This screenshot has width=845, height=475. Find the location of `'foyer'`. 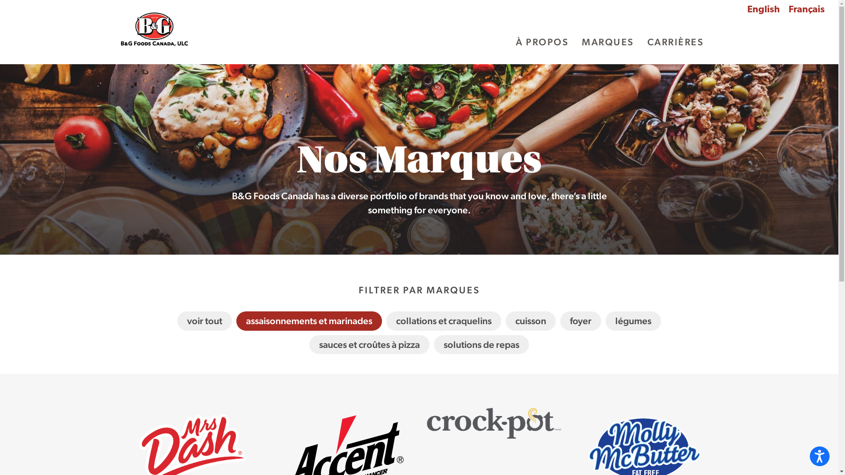

'foyer' is located at coordinates (580, 321).